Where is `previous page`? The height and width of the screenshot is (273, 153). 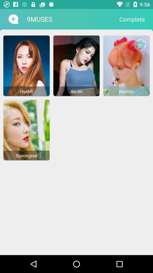 previous page is located at coordinates (13, 19).